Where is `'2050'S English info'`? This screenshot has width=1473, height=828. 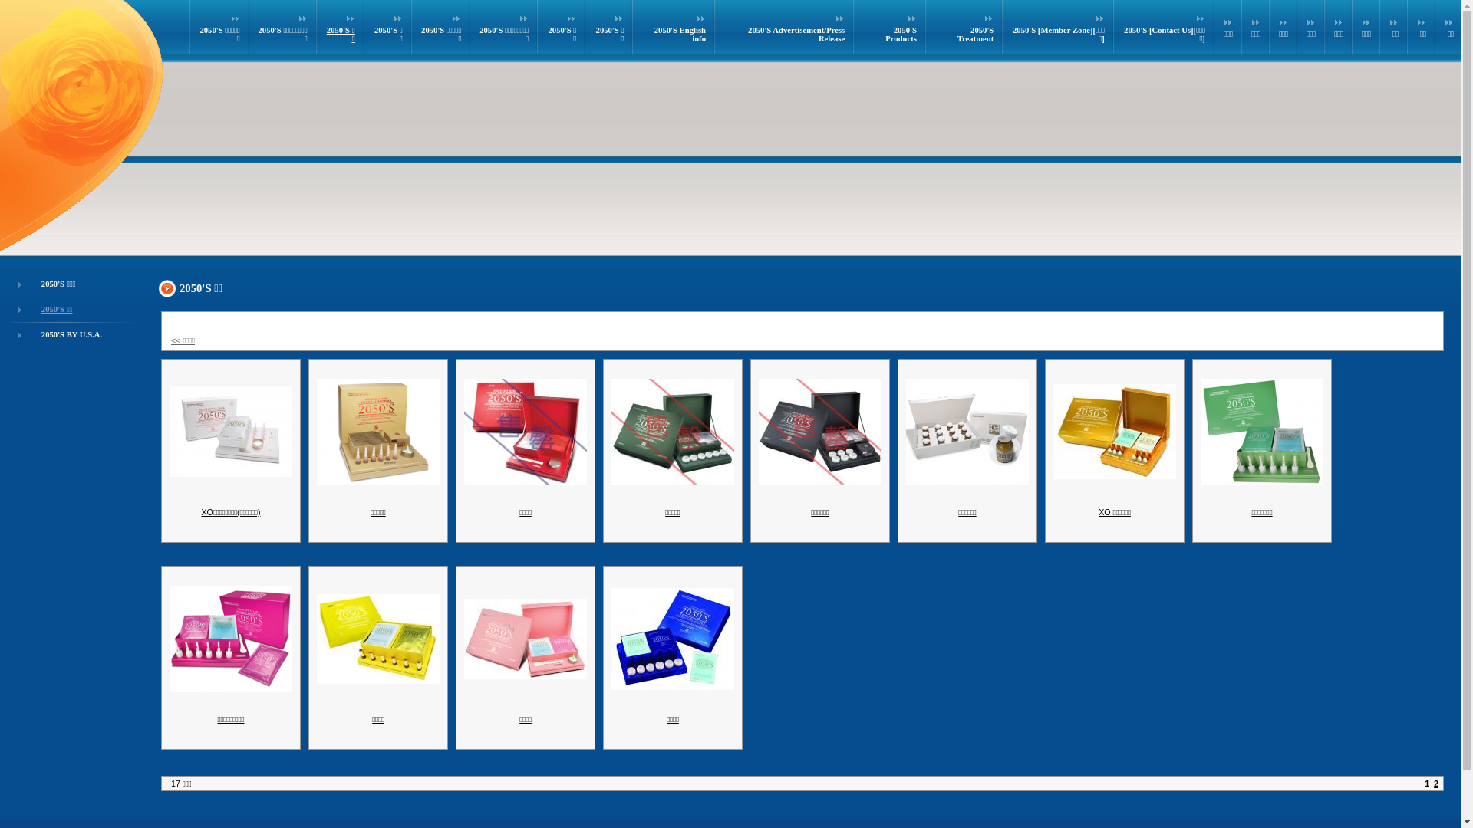 '2050'S English info' is located at coordinates (654, 34).